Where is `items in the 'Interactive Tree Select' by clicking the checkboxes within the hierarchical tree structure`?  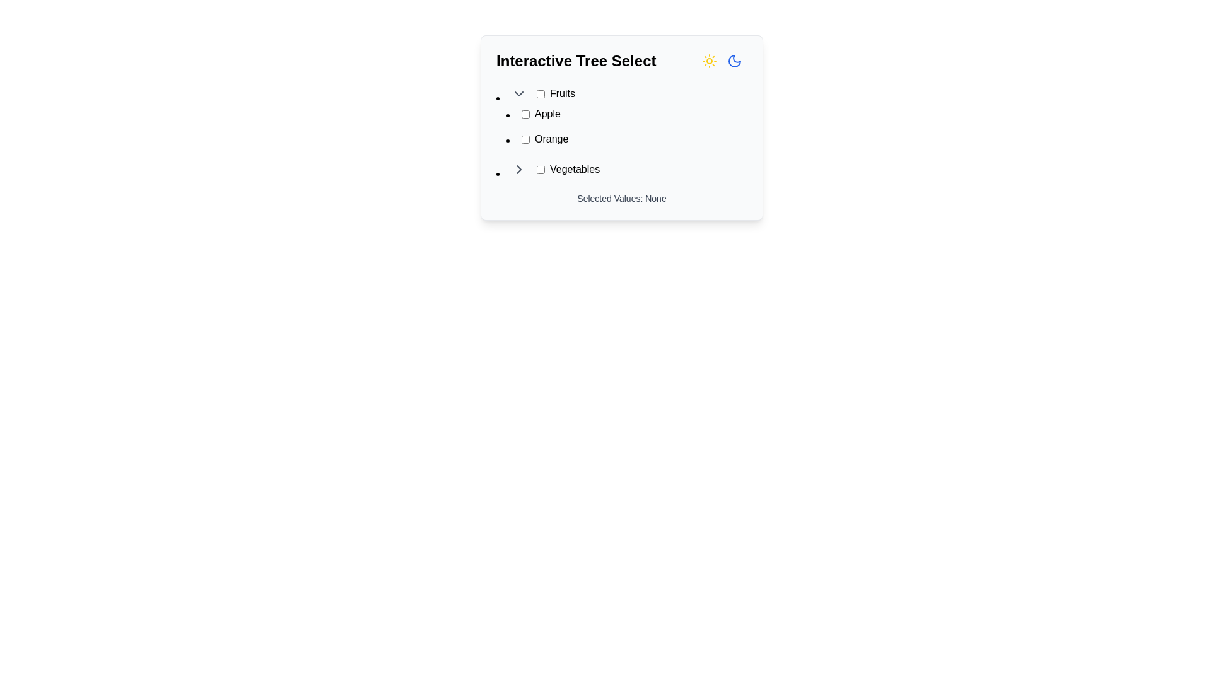 items in the 'Interactive Tree Select' by clicking the checkboxes within the hierarchical tree structure is located at coordinates (621, 128).